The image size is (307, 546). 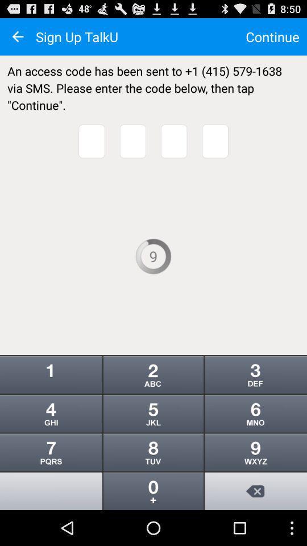 I want to click on the more icon, so click(x=255, y=442).